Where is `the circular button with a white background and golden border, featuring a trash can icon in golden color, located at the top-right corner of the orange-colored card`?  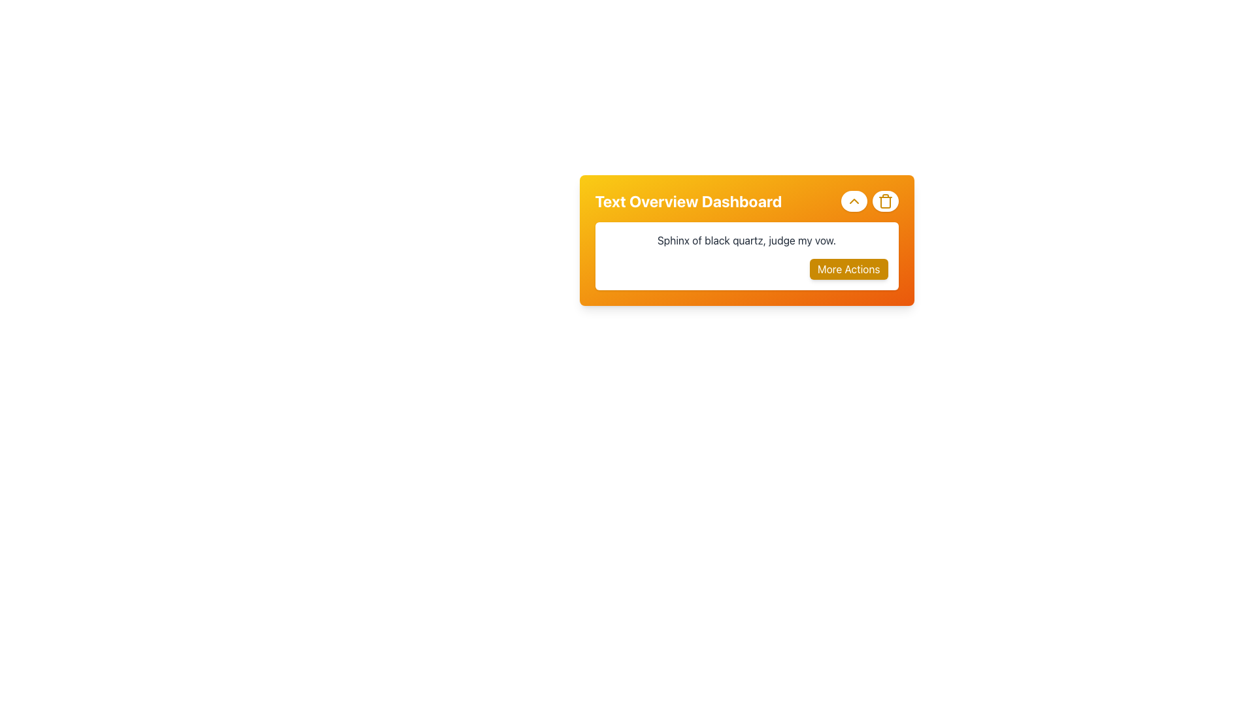 the circular button with a white background and golden border, featuring a trash can icon in golden color, located at the top-right corner of the orange-colored card is located at coordinates (885, 201).